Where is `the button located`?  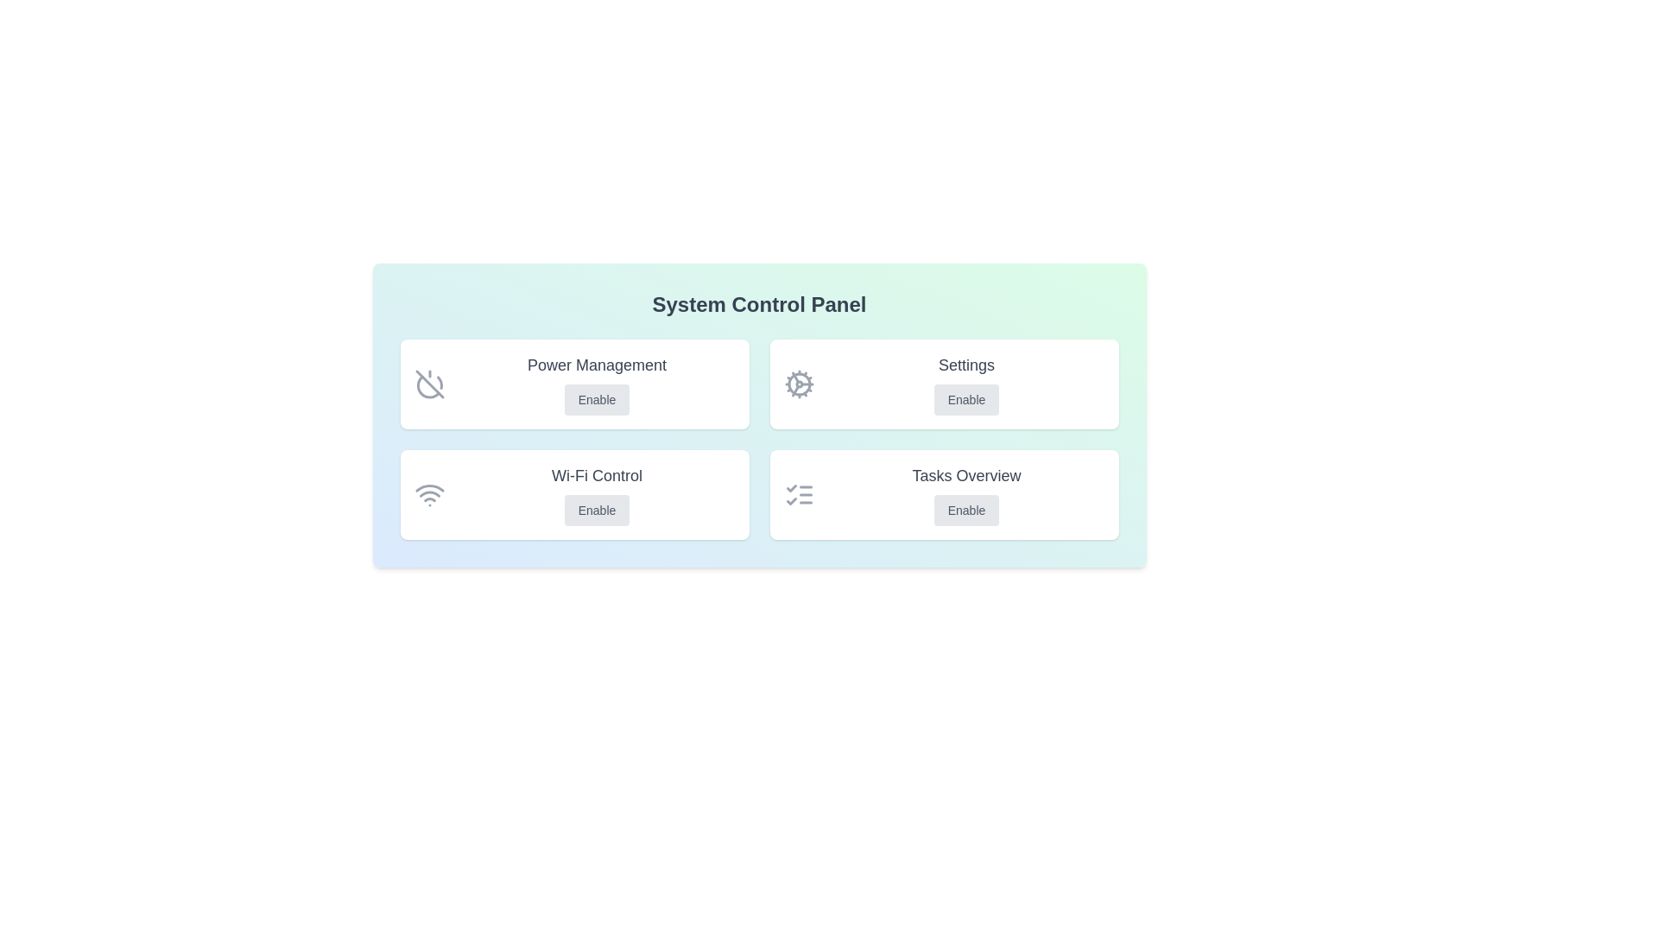 the button located is located at coordinates (965, 509).